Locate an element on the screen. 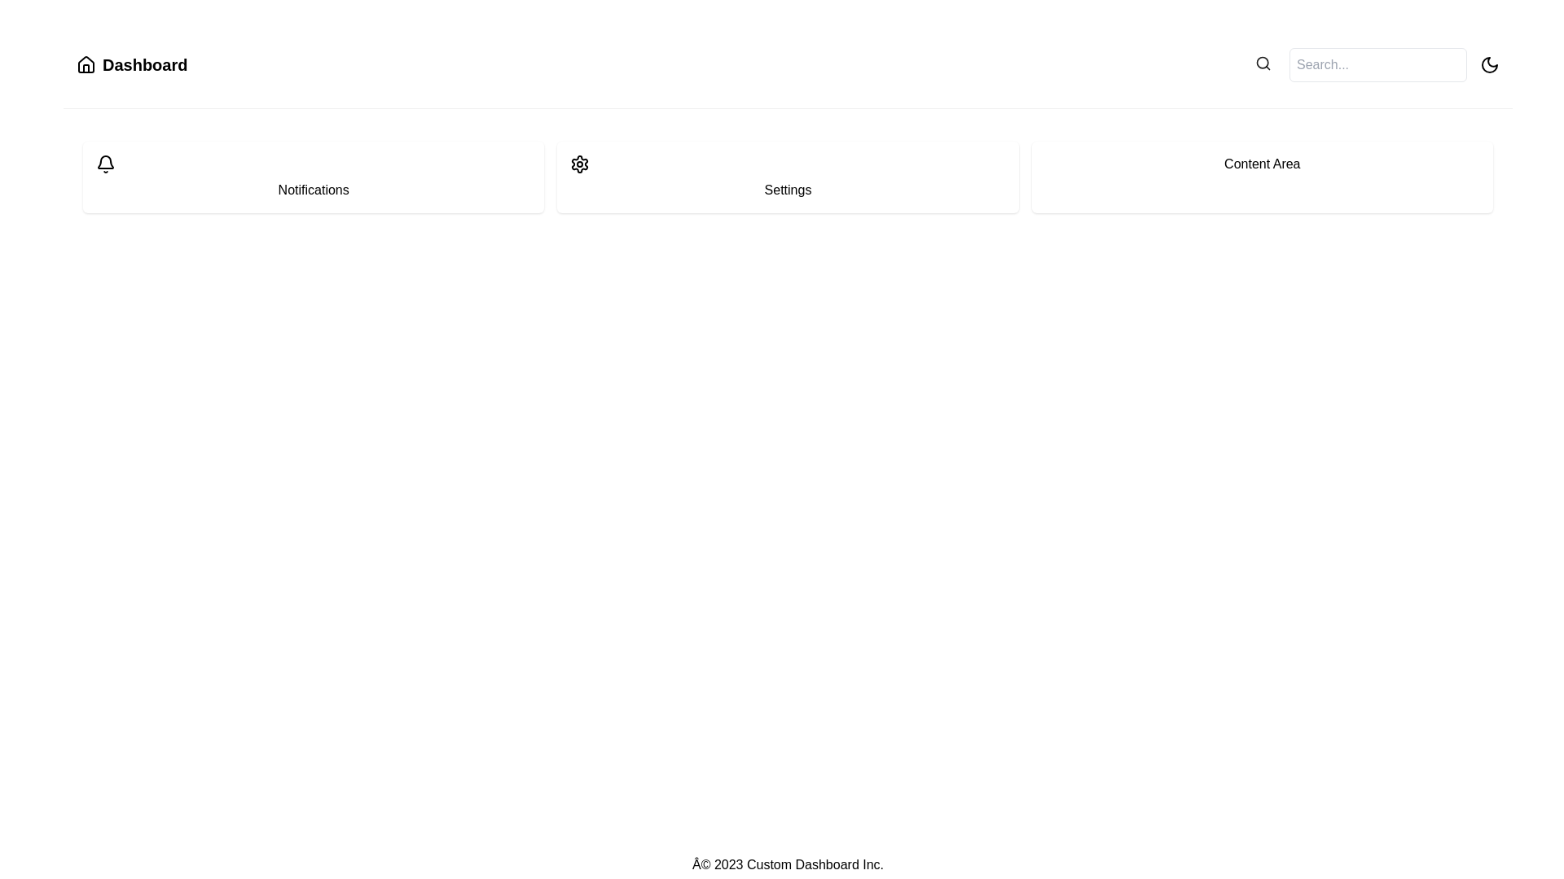 Image resolution: width=1564 pixels, height=879 pixels. the crescent moon icon within the SVG element is located at coordinates (1489, 64).